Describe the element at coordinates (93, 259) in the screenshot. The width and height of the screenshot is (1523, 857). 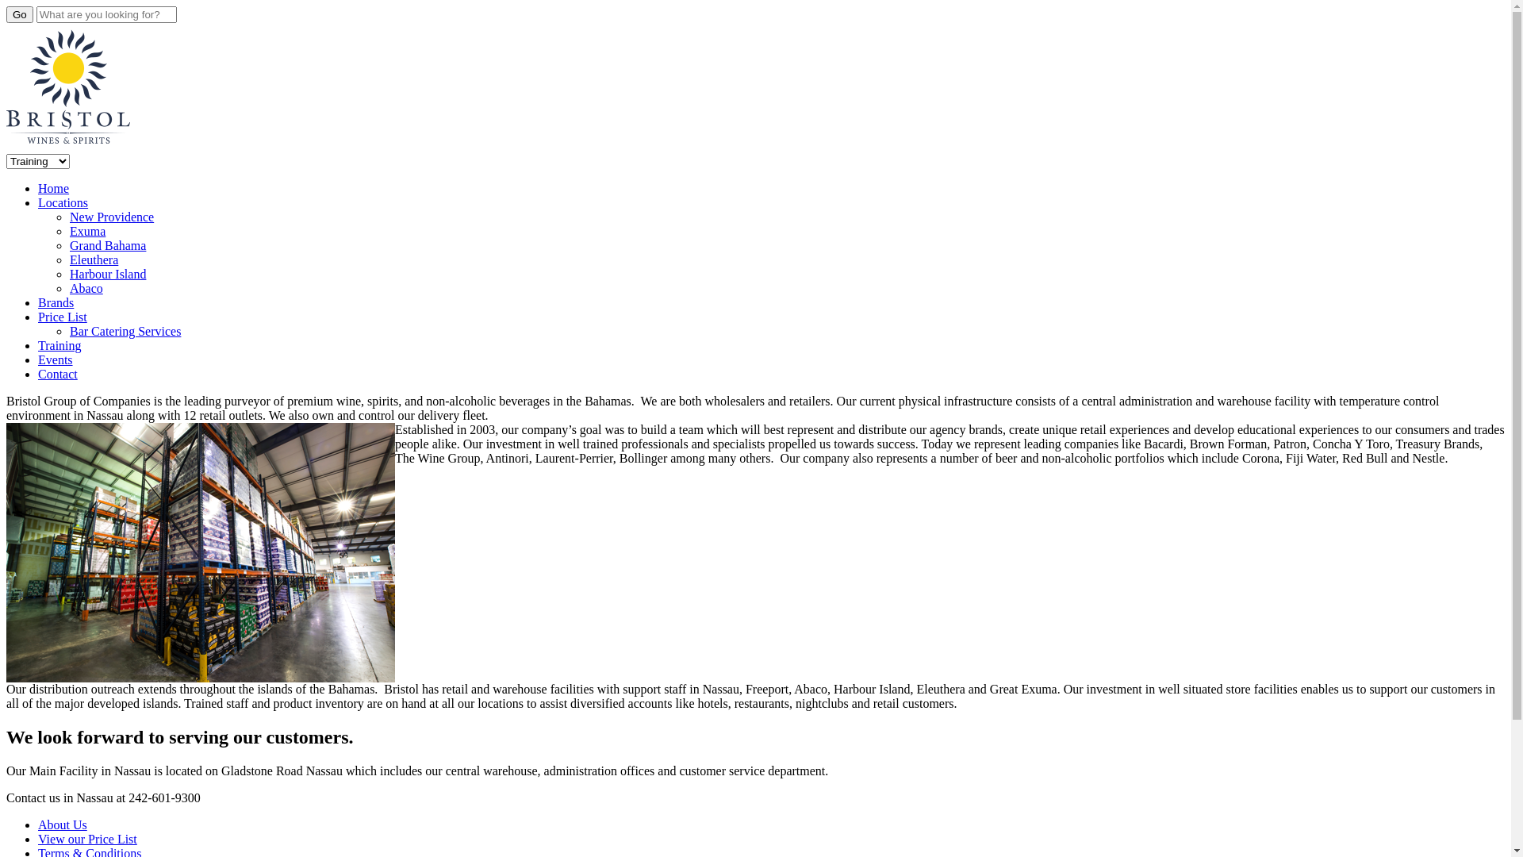
I see `'Eleuthera'` at that location.